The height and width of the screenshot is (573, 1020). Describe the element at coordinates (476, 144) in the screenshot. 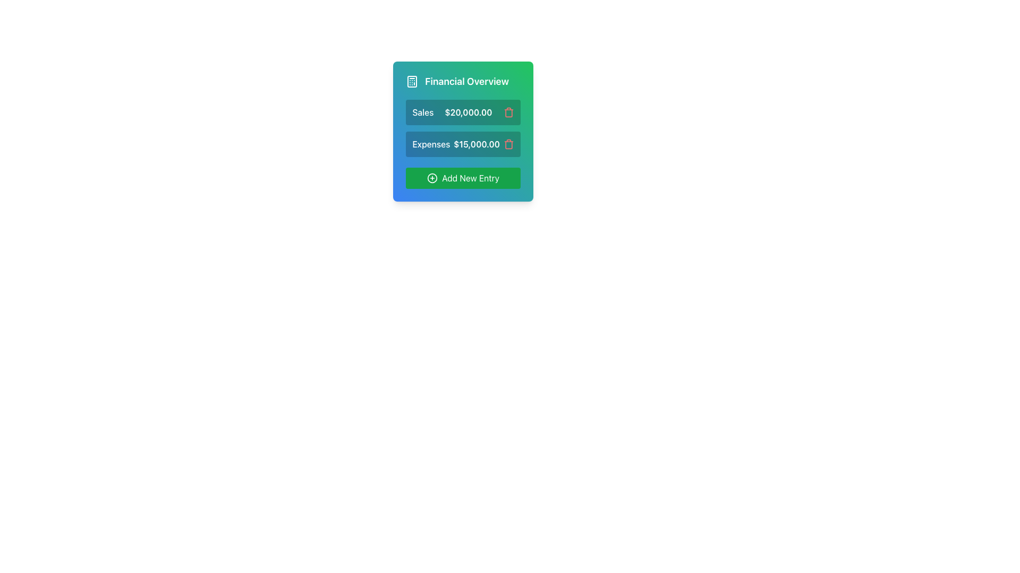

I see `text displaying the monetary value of expenses located in the row labeled 'Expenses' within the Financial Overview card, positioned to the right of the 'Expenses' label` at that location.